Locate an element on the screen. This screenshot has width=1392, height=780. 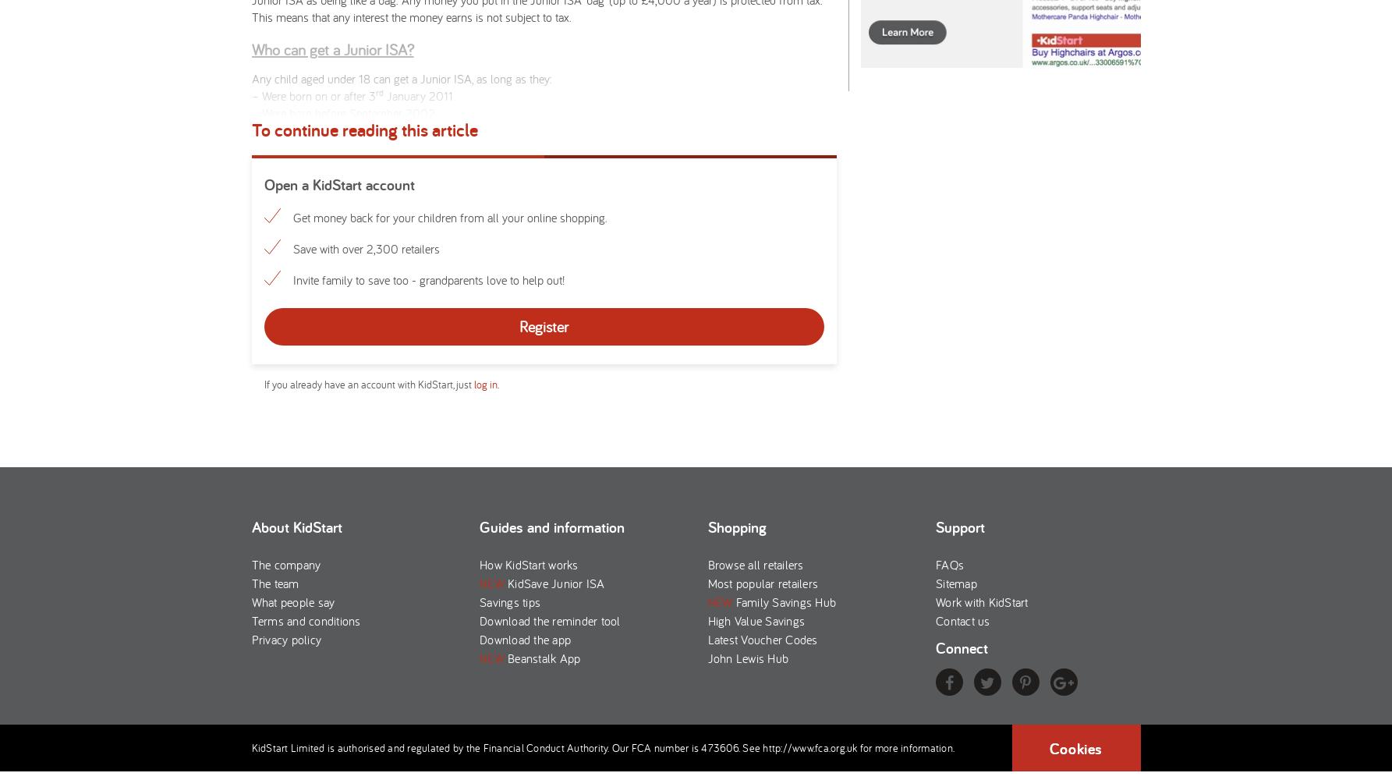
'You can pay as much or as little money in as you like, as often as you like (provided it doesn’t go over the £4,000 annual limit)' is located at coordinates (526, 303).